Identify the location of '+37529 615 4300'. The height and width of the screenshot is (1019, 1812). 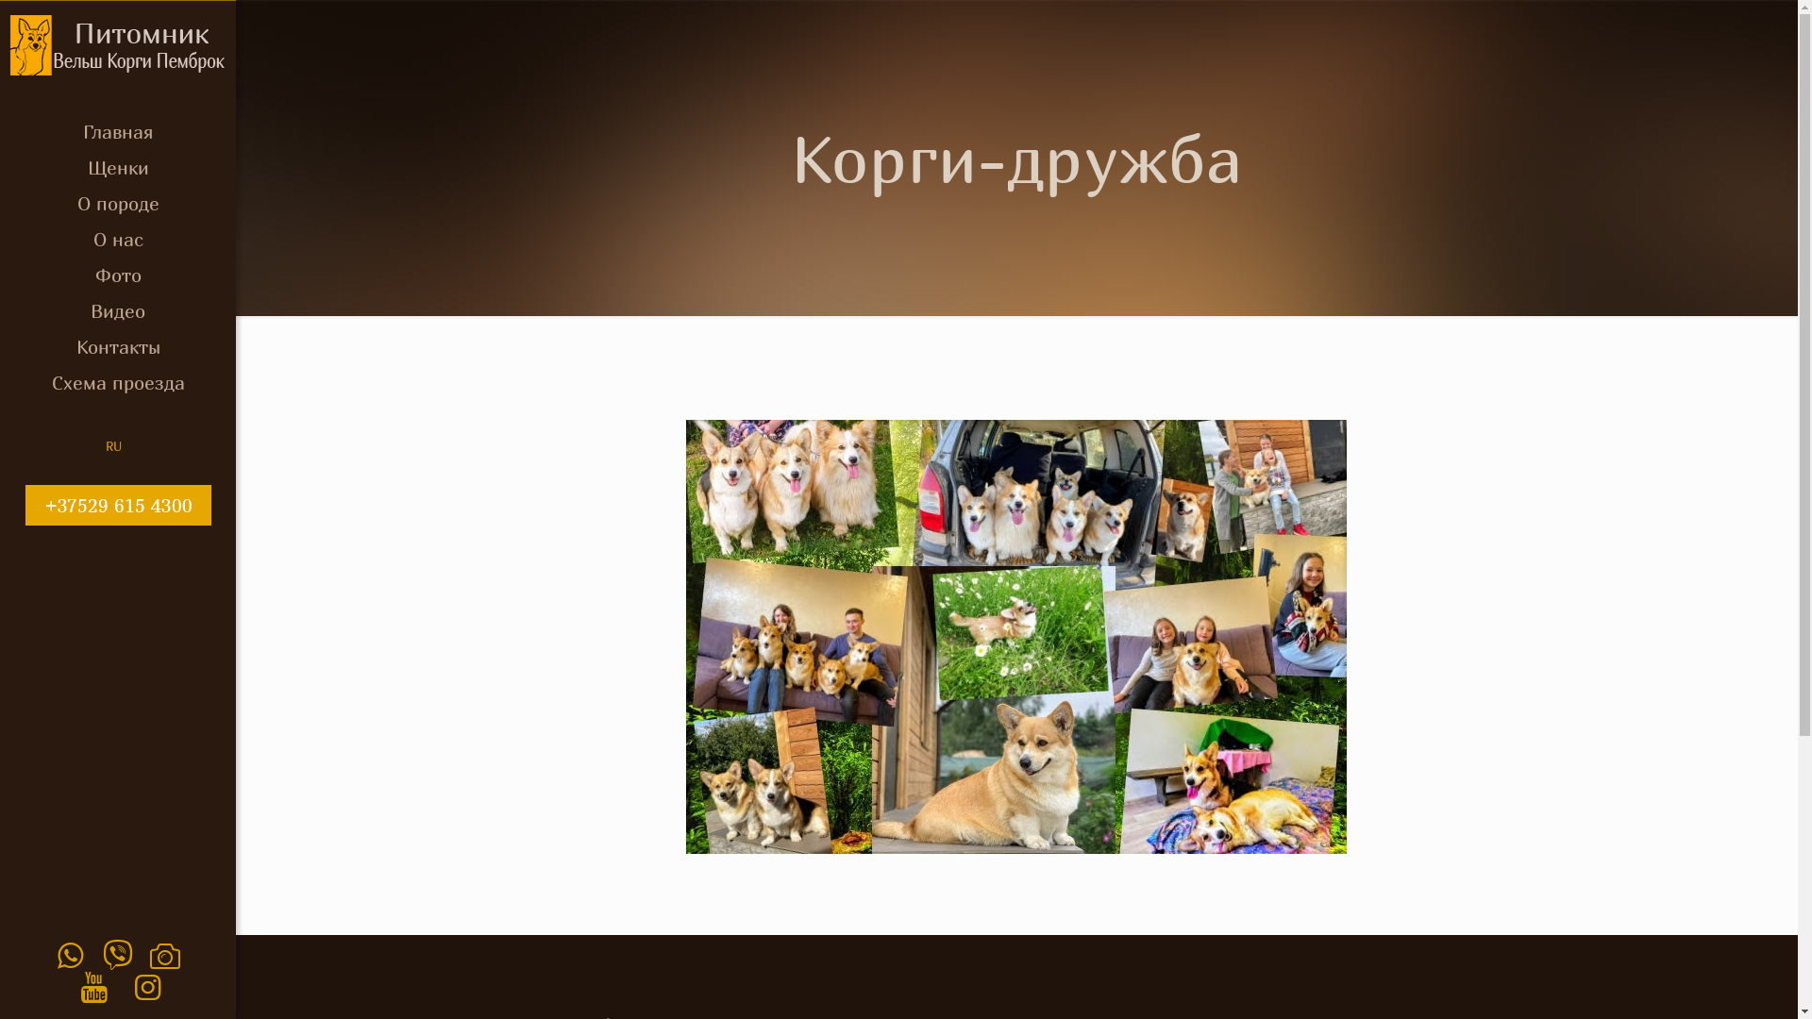
(116, 504).